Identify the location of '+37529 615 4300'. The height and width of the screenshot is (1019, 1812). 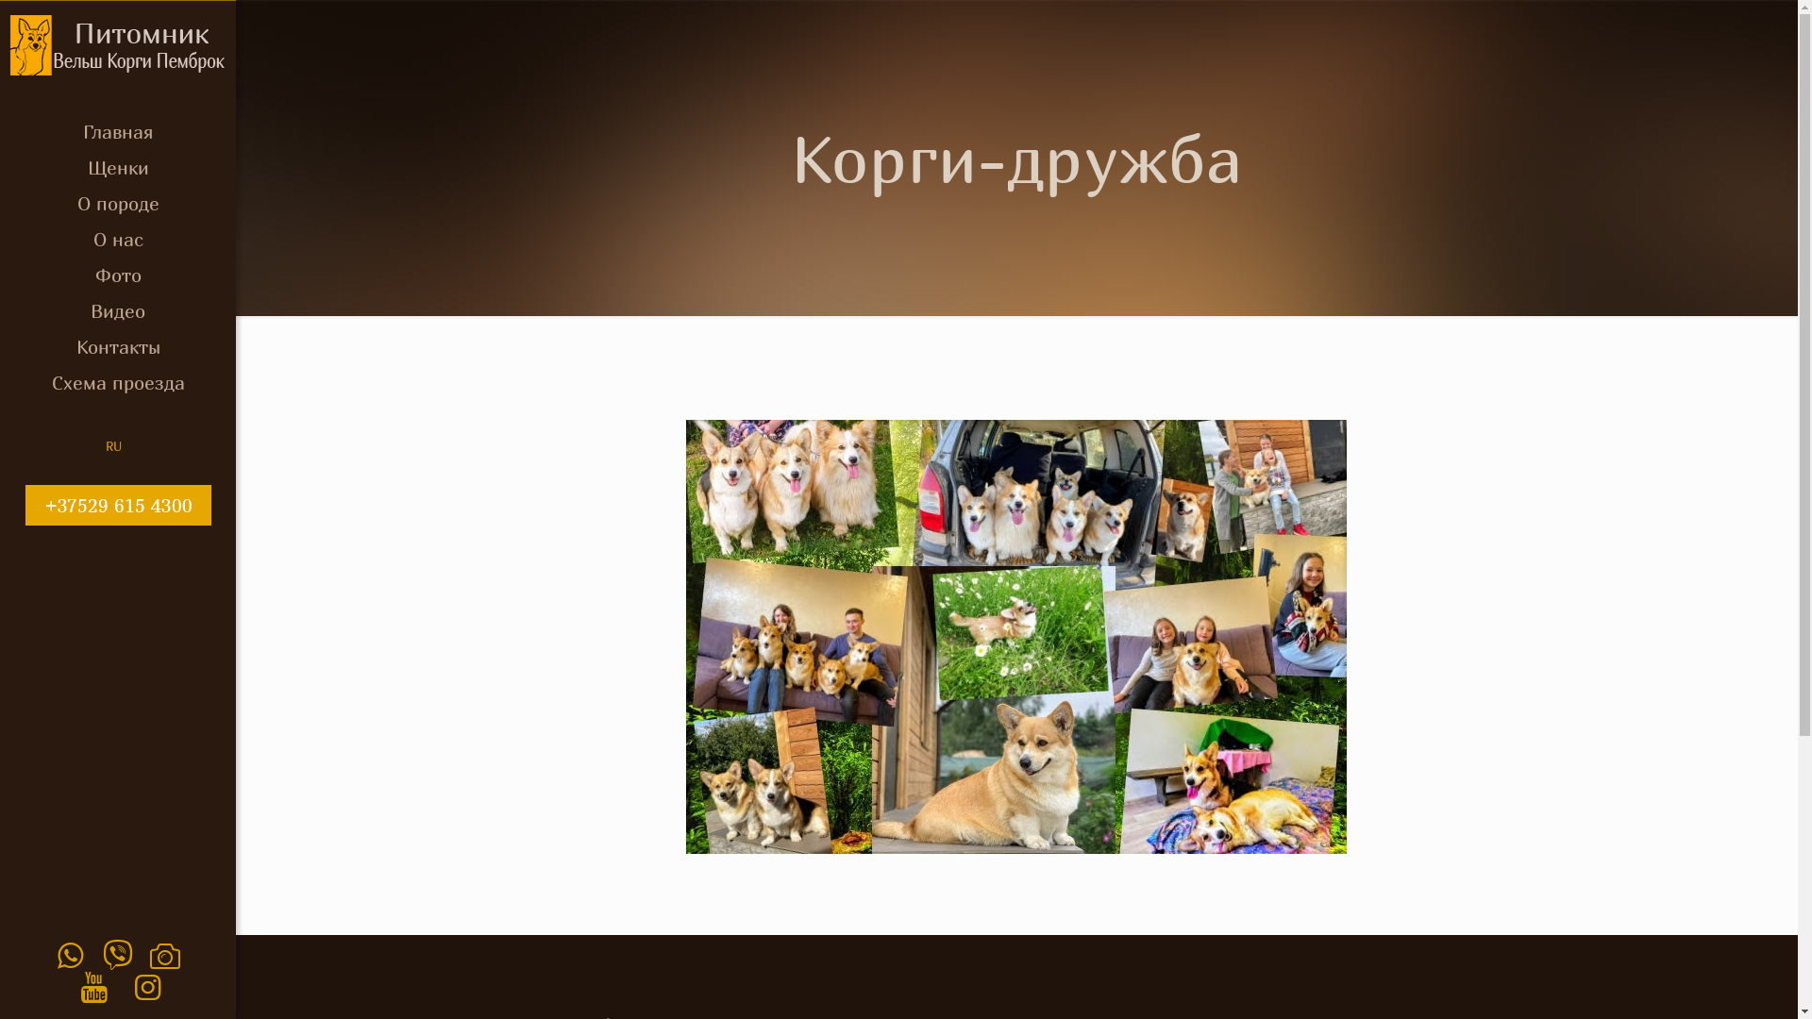
(116, 504).